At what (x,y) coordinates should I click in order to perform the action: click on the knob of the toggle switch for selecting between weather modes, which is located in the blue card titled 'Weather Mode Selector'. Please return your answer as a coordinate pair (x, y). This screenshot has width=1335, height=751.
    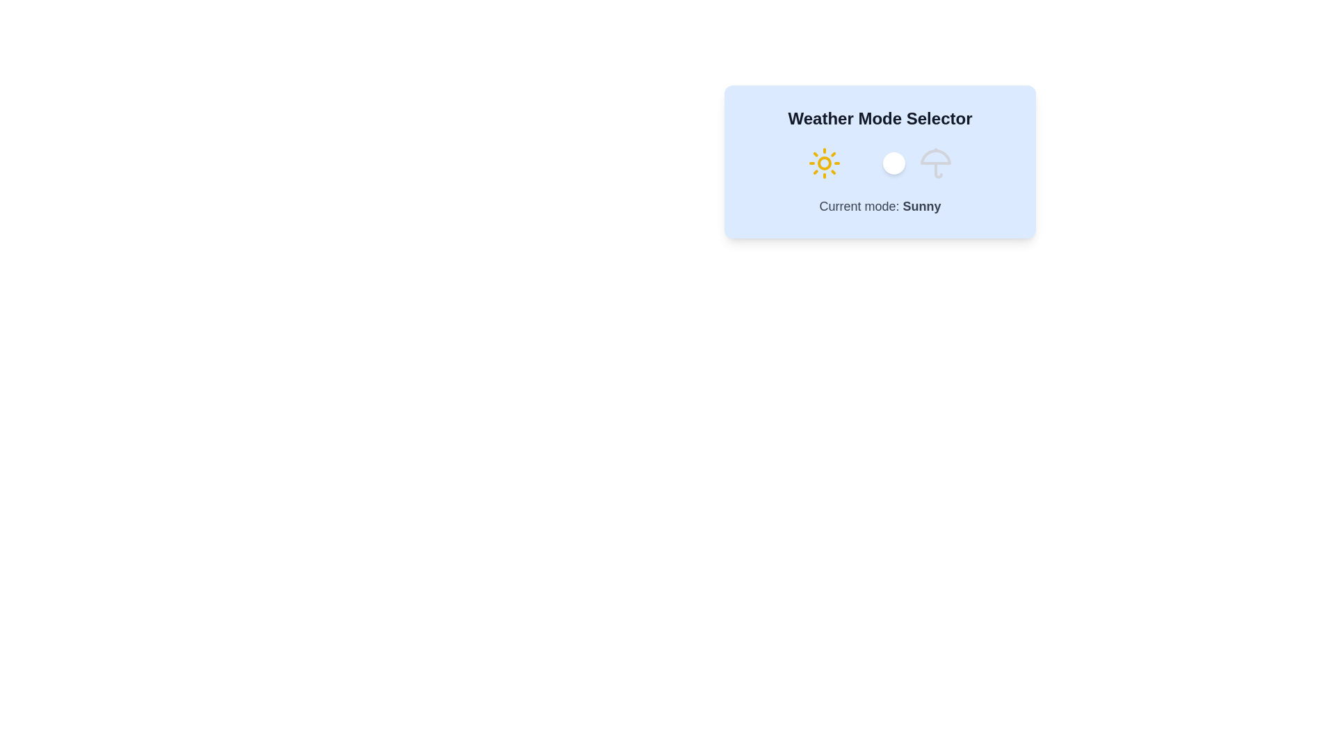
    Looking at the image, I should click on (880, 163).